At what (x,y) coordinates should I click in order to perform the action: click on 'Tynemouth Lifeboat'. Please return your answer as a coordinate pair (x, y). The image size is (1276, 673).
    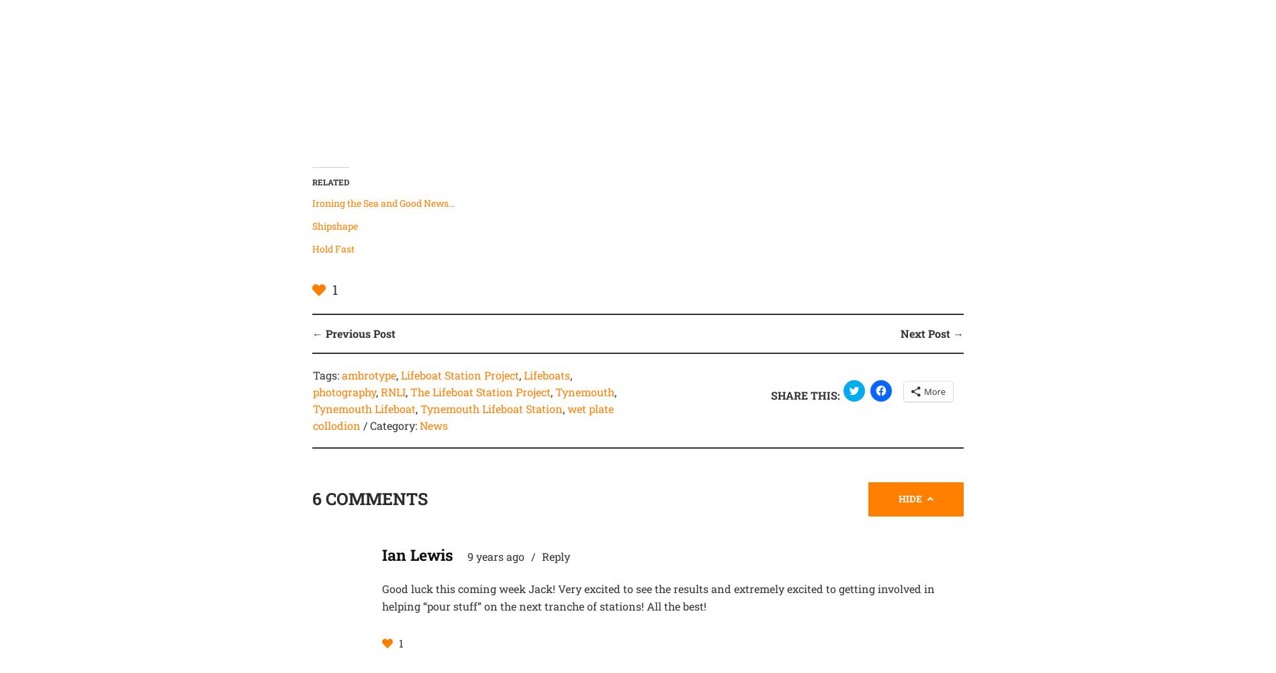
    Looking at the image, I should click on (363, 407).